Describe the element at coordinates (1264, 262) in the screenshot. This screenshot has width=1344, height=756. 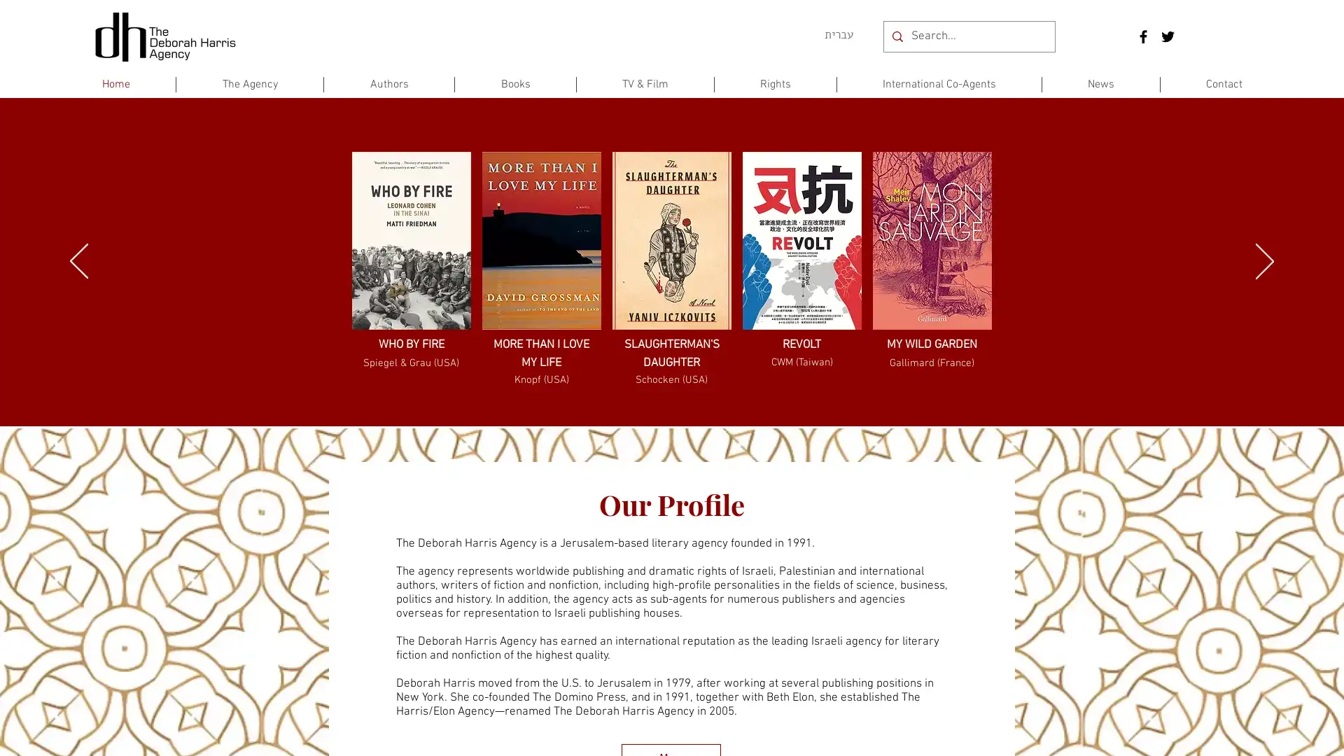
I see `Next` at that location.